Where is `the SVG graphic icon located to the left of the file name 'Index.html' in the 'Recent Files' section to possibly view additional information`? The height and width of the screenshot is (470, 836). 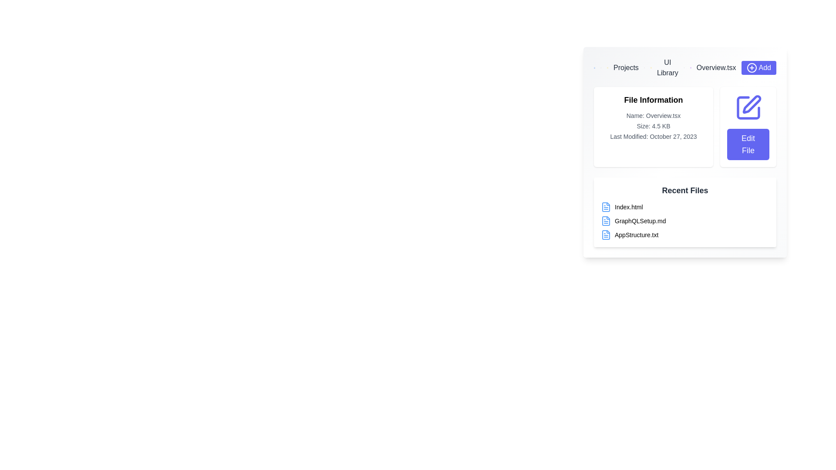 the SVG graphic icon located to the left of the file name 'Index.html' in the 'Recent Files' section to possibly view additional information is located at coordinates (606, 207).